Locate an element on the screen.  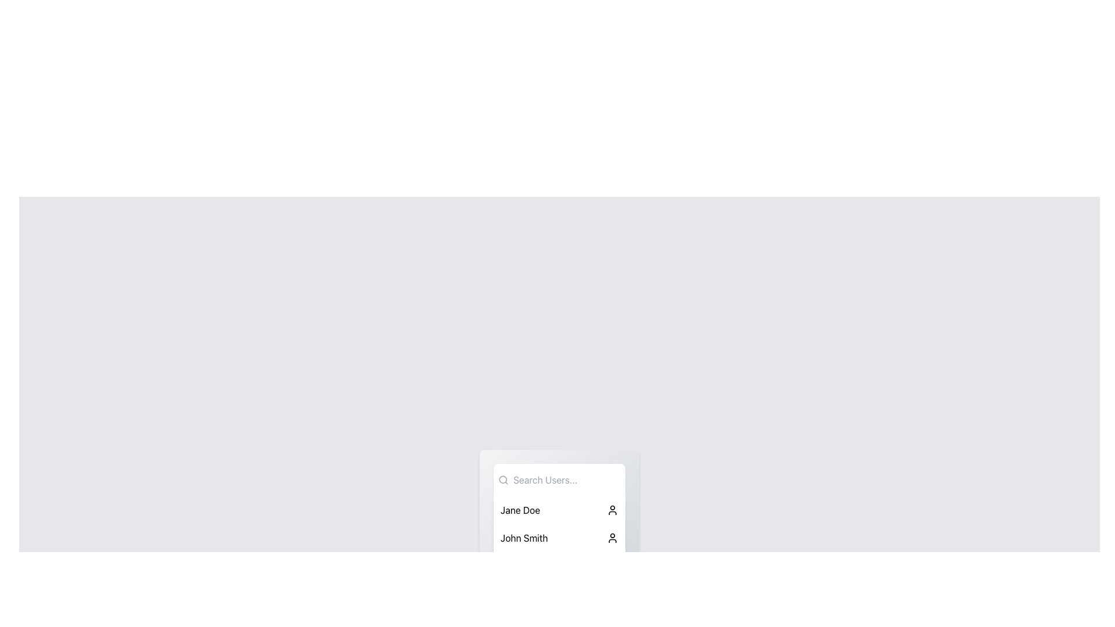
the text label displaying 'John Smith' in black font, which is located within a dropdown list beneath the 'Jane Doe' entry is located at coordinates (523, 538).